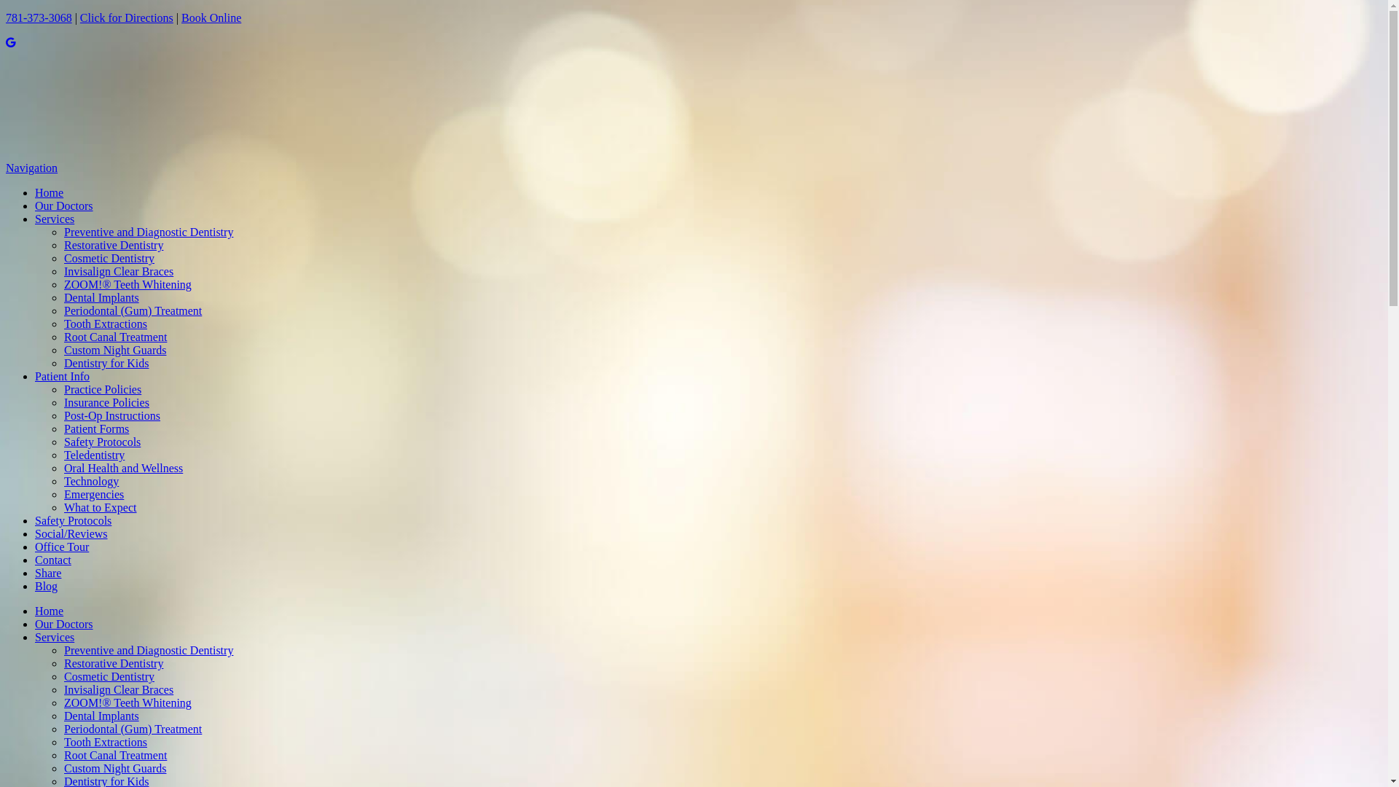  I want to click on 'Preventive and Diagnostic Dentistry', so click(148, 231).